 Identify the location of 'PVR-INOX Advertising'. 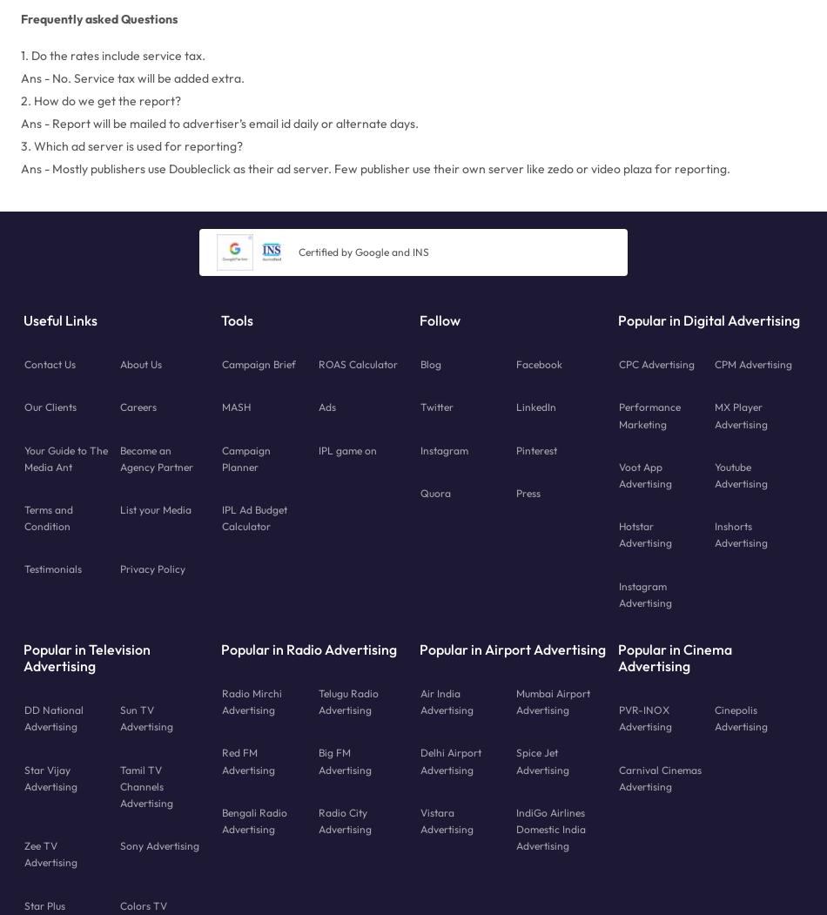
(643, 718).